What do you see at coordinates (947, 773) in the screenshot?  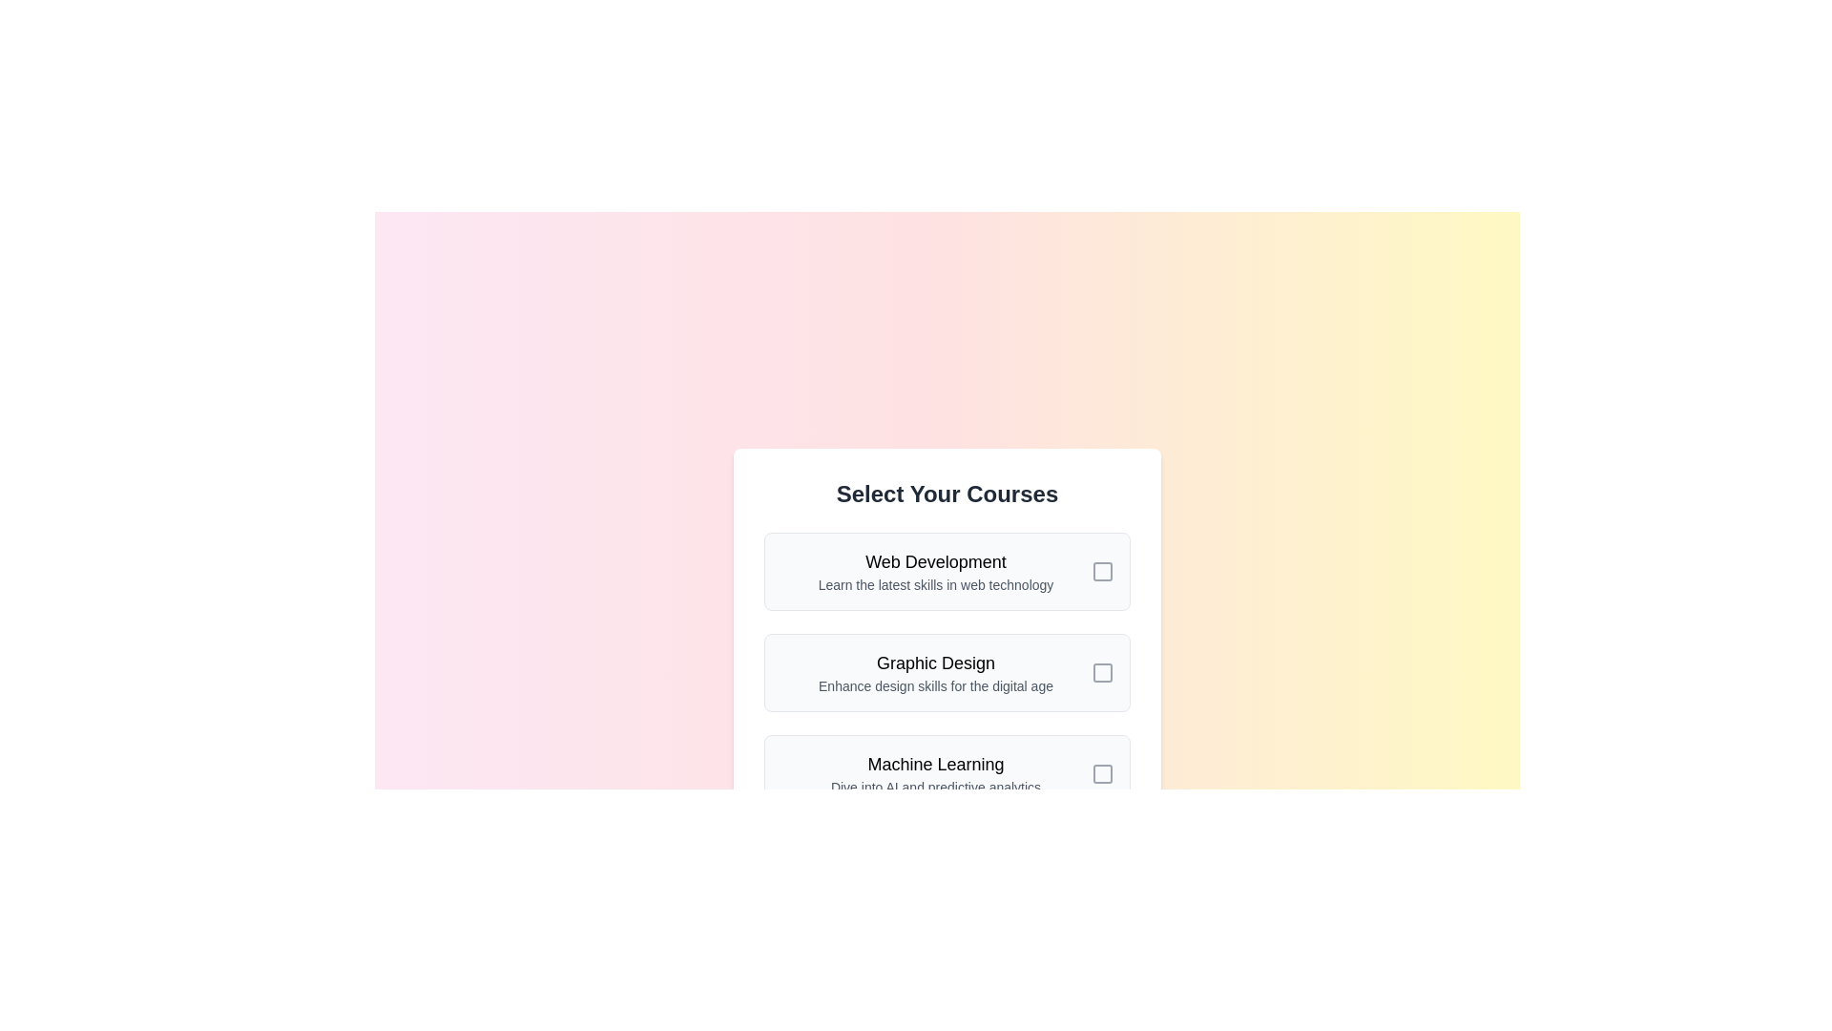 I see `the course item titled 'Machine Learning' to observe the visual feedback` at bounding box center [947, 773].